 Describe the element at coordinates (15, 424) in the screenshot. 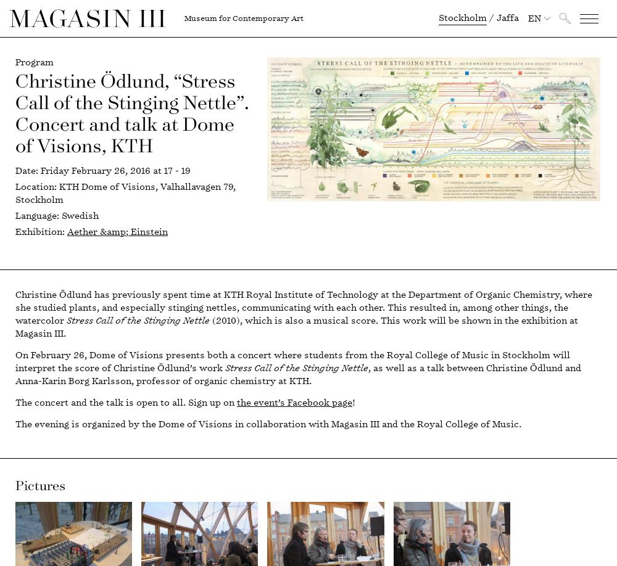

I see `'The evening is organized by the Dome of Visions in collaboration with Magasin III and the Royal College of Music.'` at that location.